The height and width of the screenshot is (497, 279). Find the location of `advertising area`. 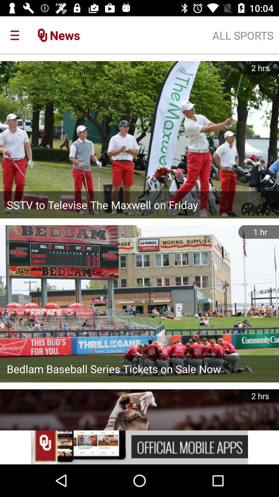

advertising area is located at coordinates (139, 447).